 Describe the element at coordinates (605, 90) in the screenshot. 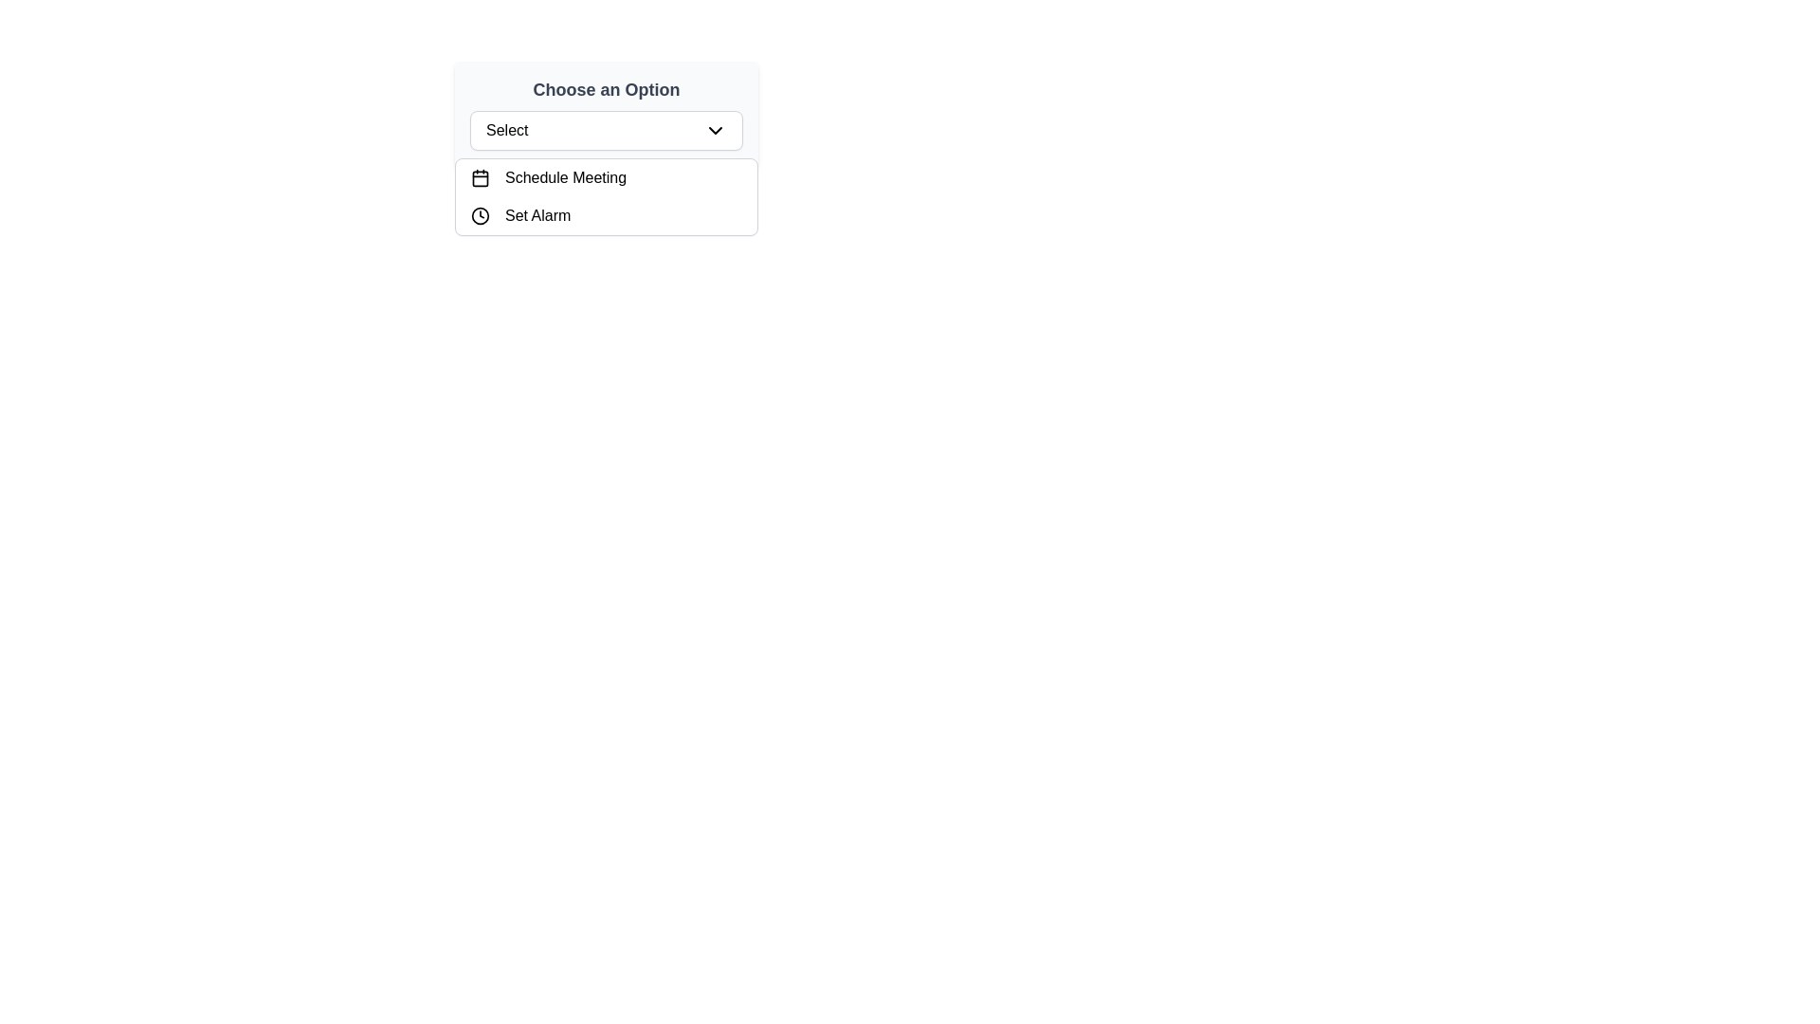

I see `text label that serves as a title for the dropdown menu, positioned directly above the 'Select' button` at that location.